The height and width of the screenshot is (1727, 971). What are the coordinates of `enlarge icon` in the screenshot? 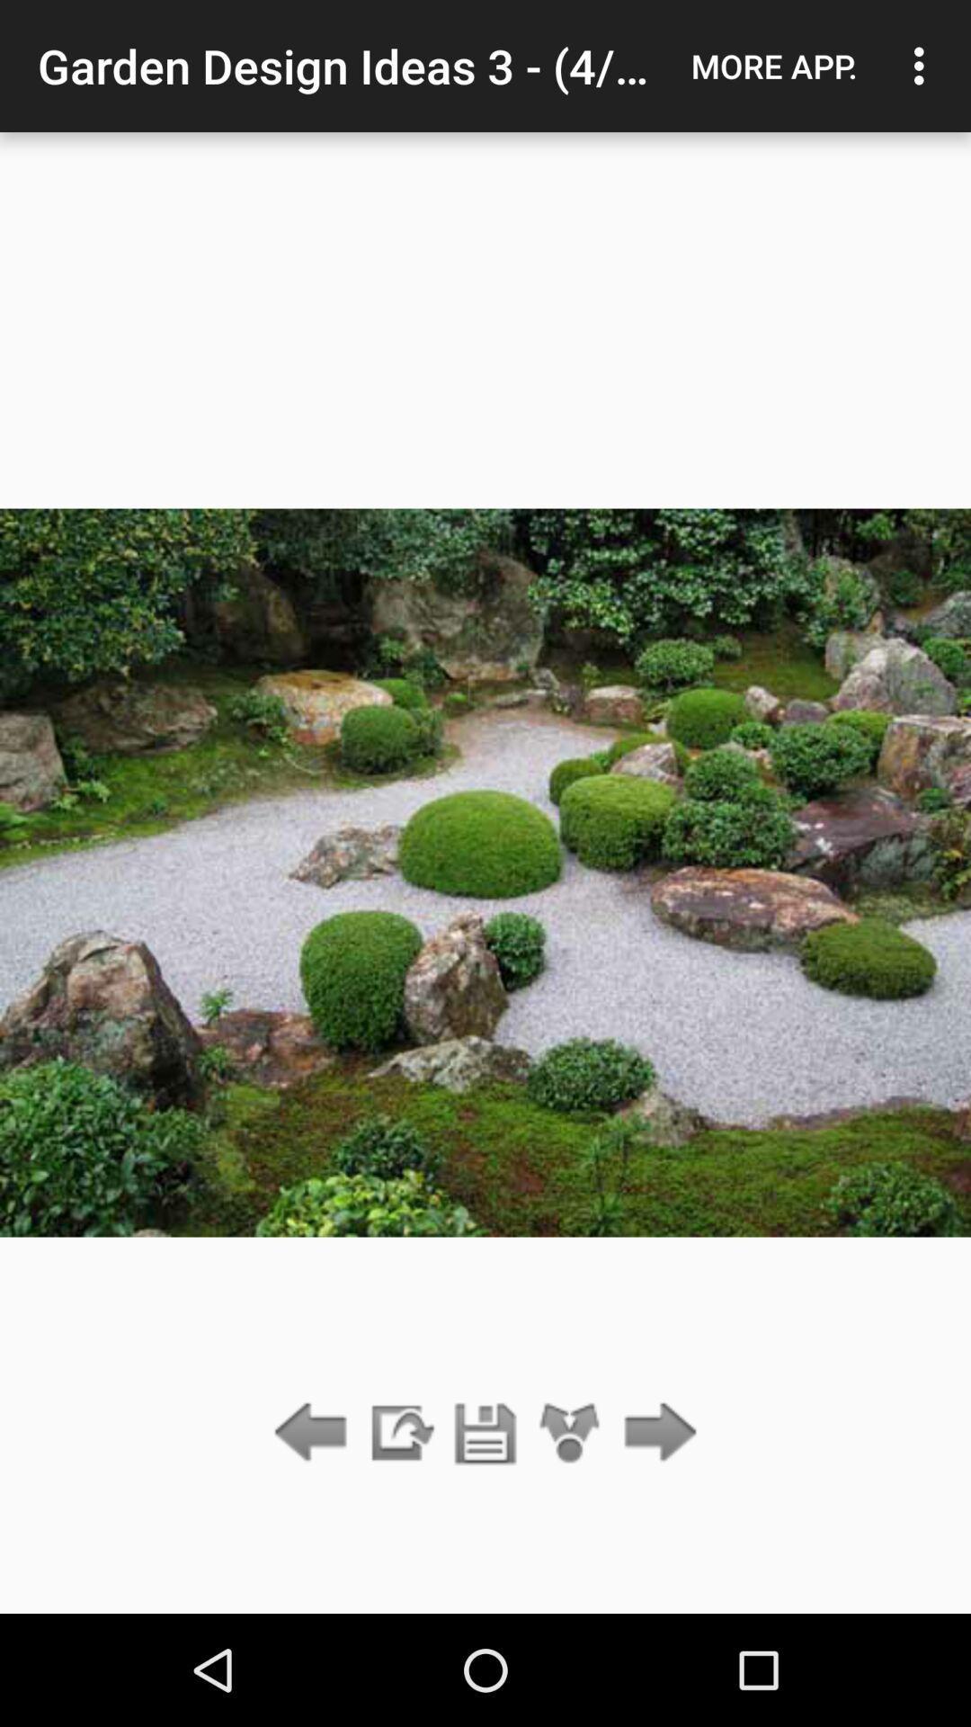 It's located at (570, 1433).